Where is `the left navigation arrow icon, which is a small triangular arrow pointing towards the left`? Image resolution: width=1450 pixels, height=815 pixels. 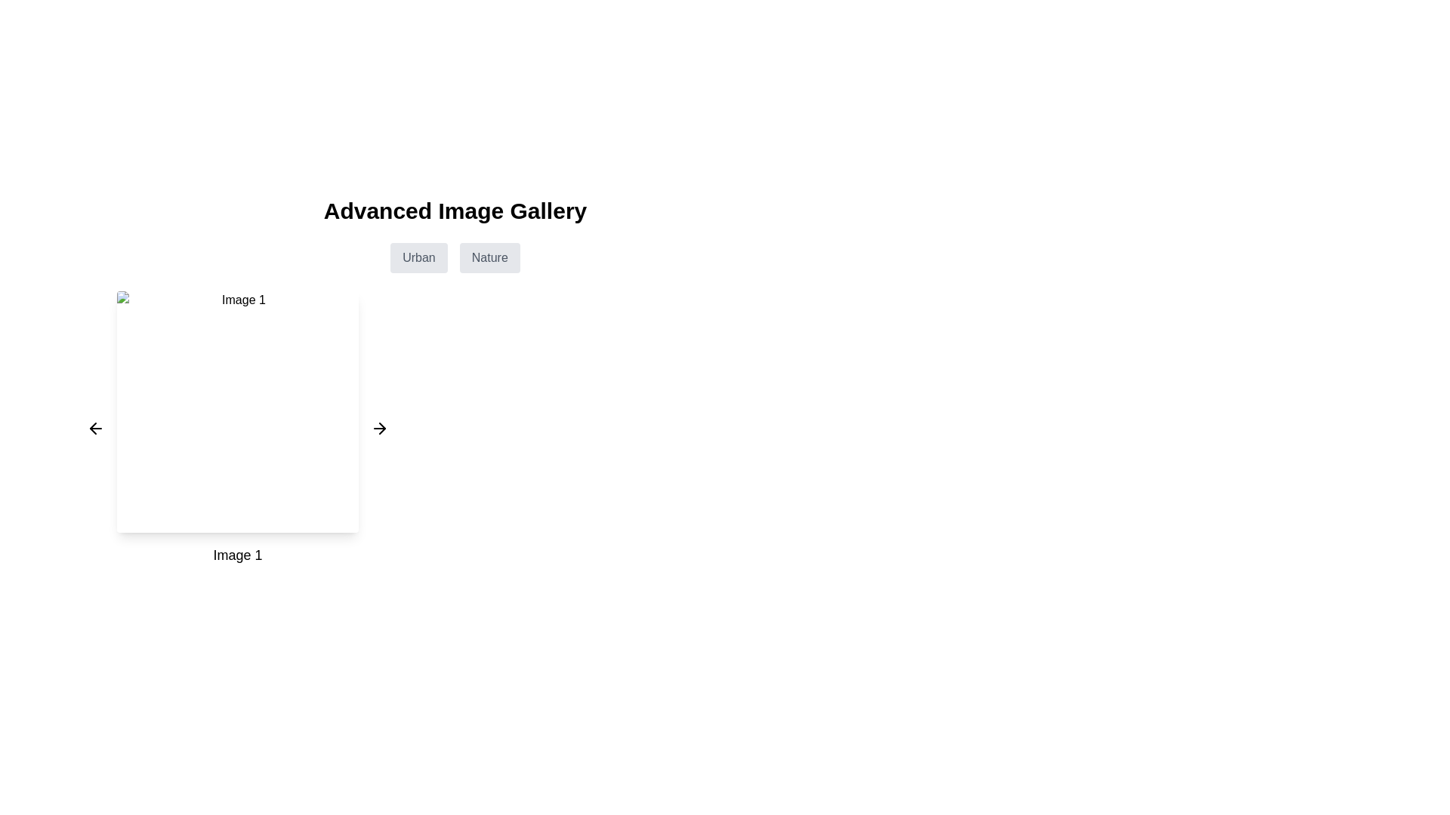
the left navigation arrow icon, which is a small triangular arrow pointing towards the left is located at coordinates (92, 428).